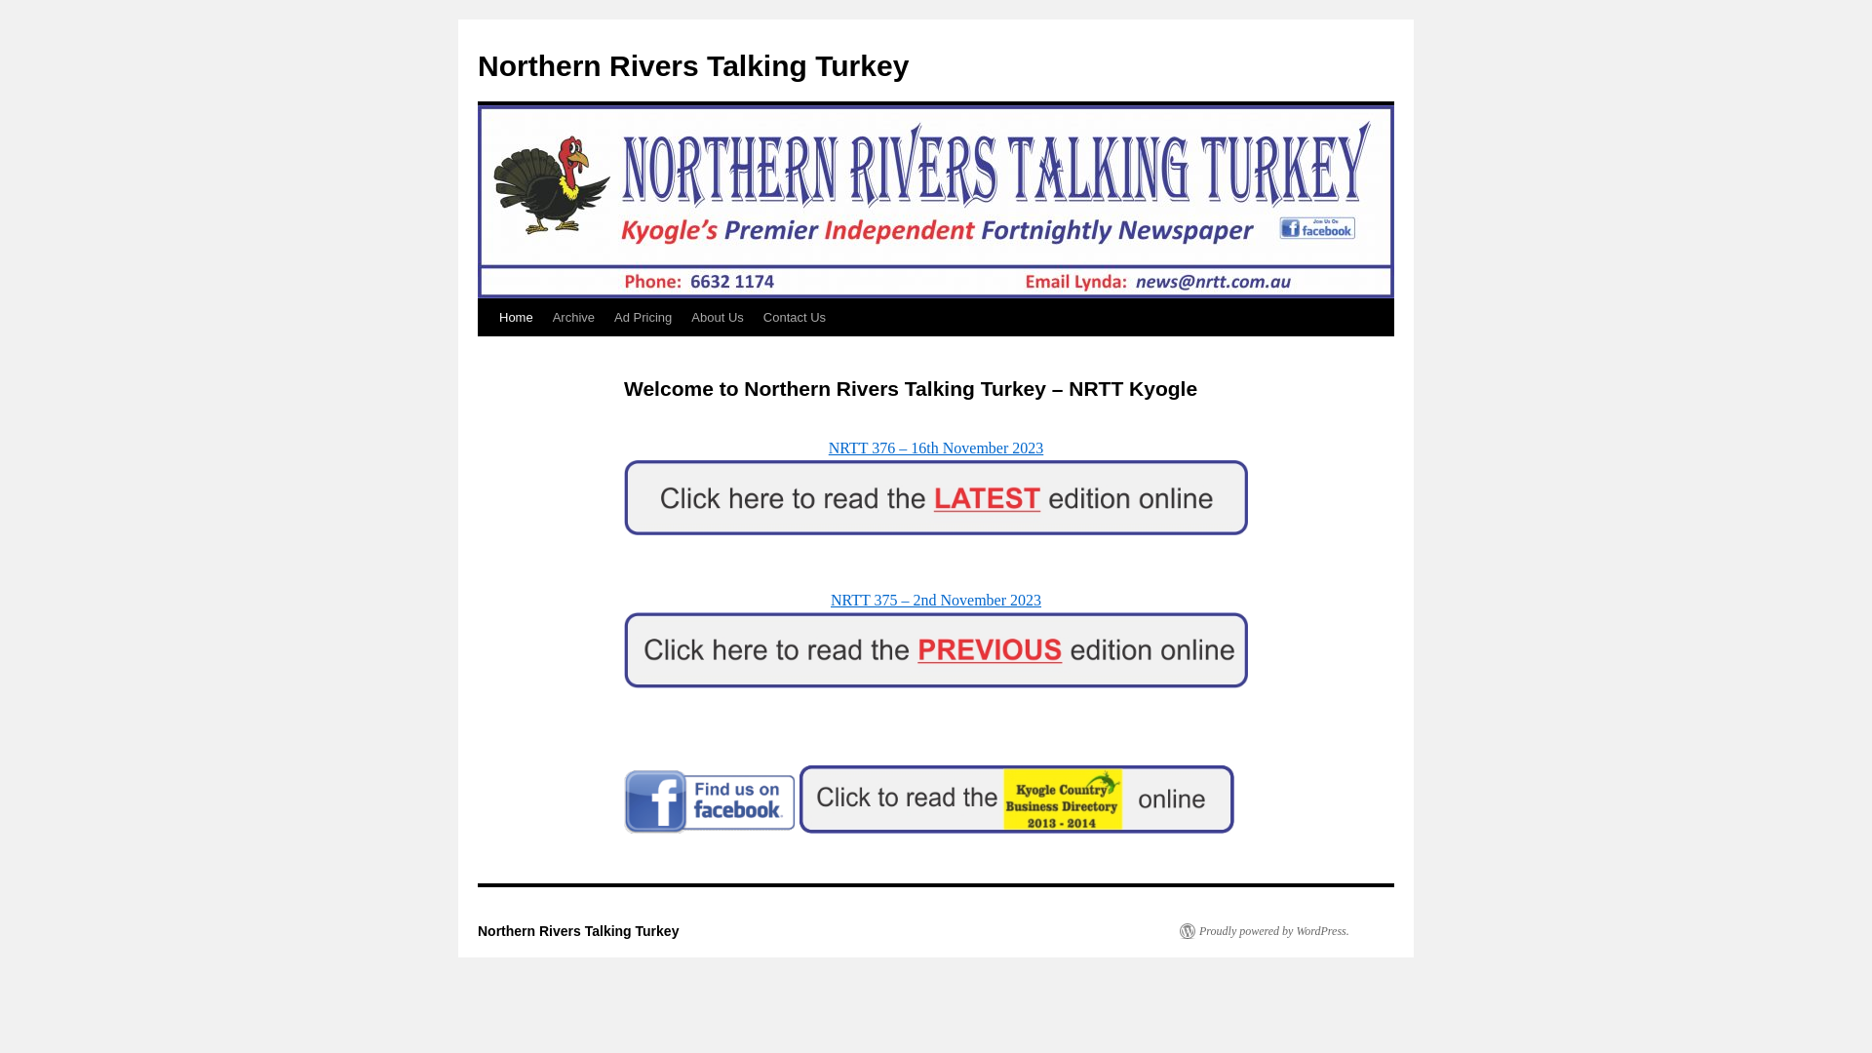 This screenshot has height=1053, width=1872. Describe the element at coordinates (752, 317) in the screenshot. I see `'Contact Us'` at that location.